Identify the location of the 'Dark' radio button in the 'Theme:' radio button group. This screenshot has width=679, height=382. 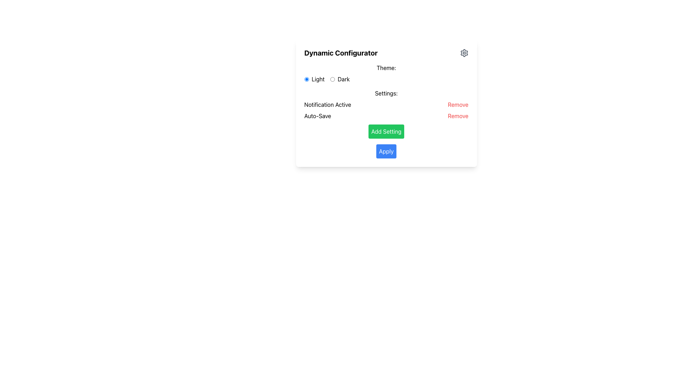
(386, 74).